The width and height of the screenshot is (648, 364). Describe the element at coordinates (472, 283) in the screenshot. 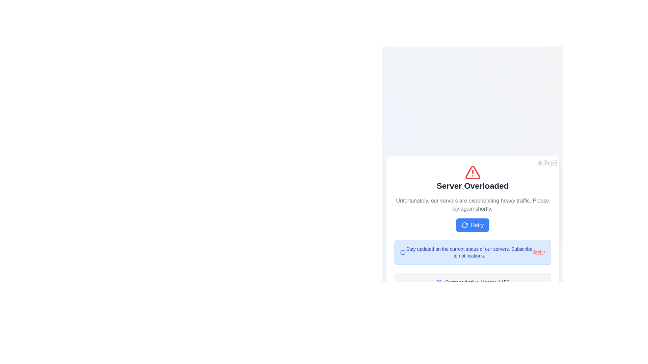

I see `the Information Display Box that shows 'Current Active Users: 1453' with a light gray background and indigo user figures icon` at that location.